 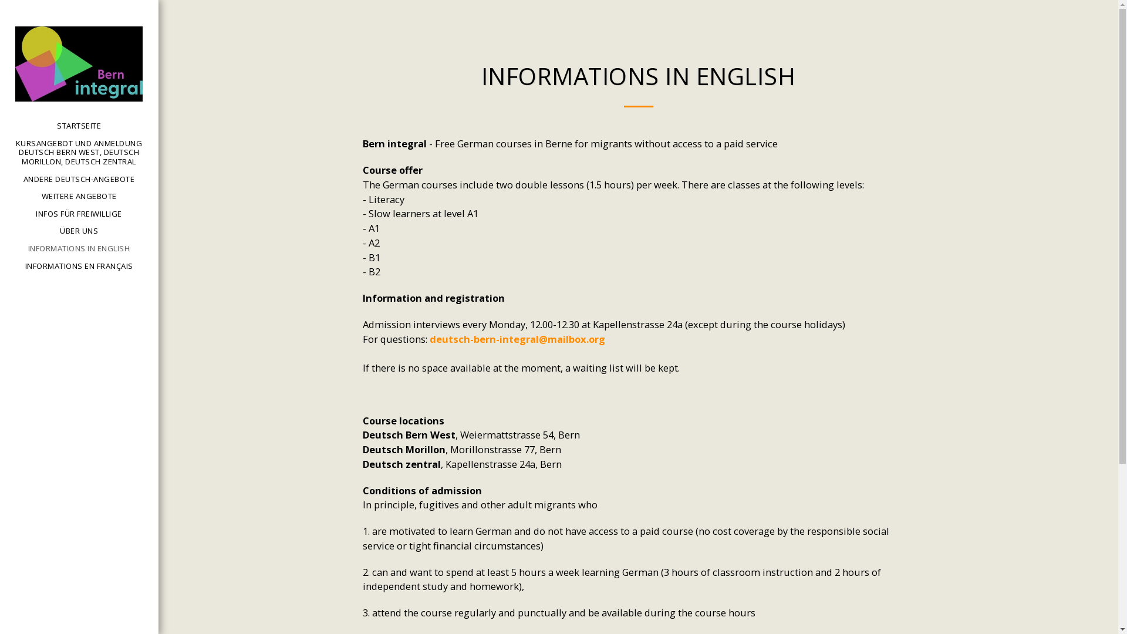 I want to click on 'deutsch-bern-integral@mailbox.org', so click(x=517, y=339).